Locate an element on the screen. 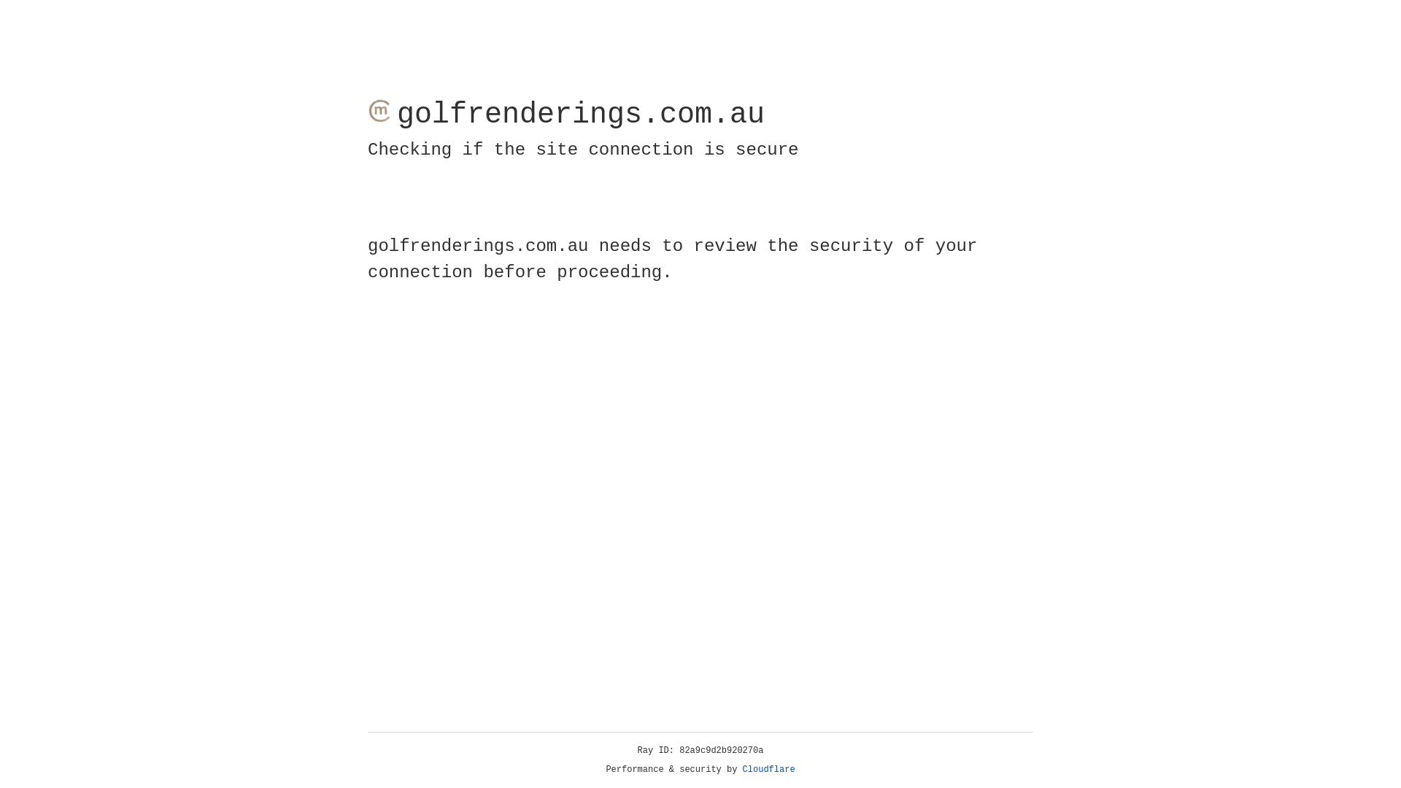  'Cloudflare' is located at coordinates (742, 769).